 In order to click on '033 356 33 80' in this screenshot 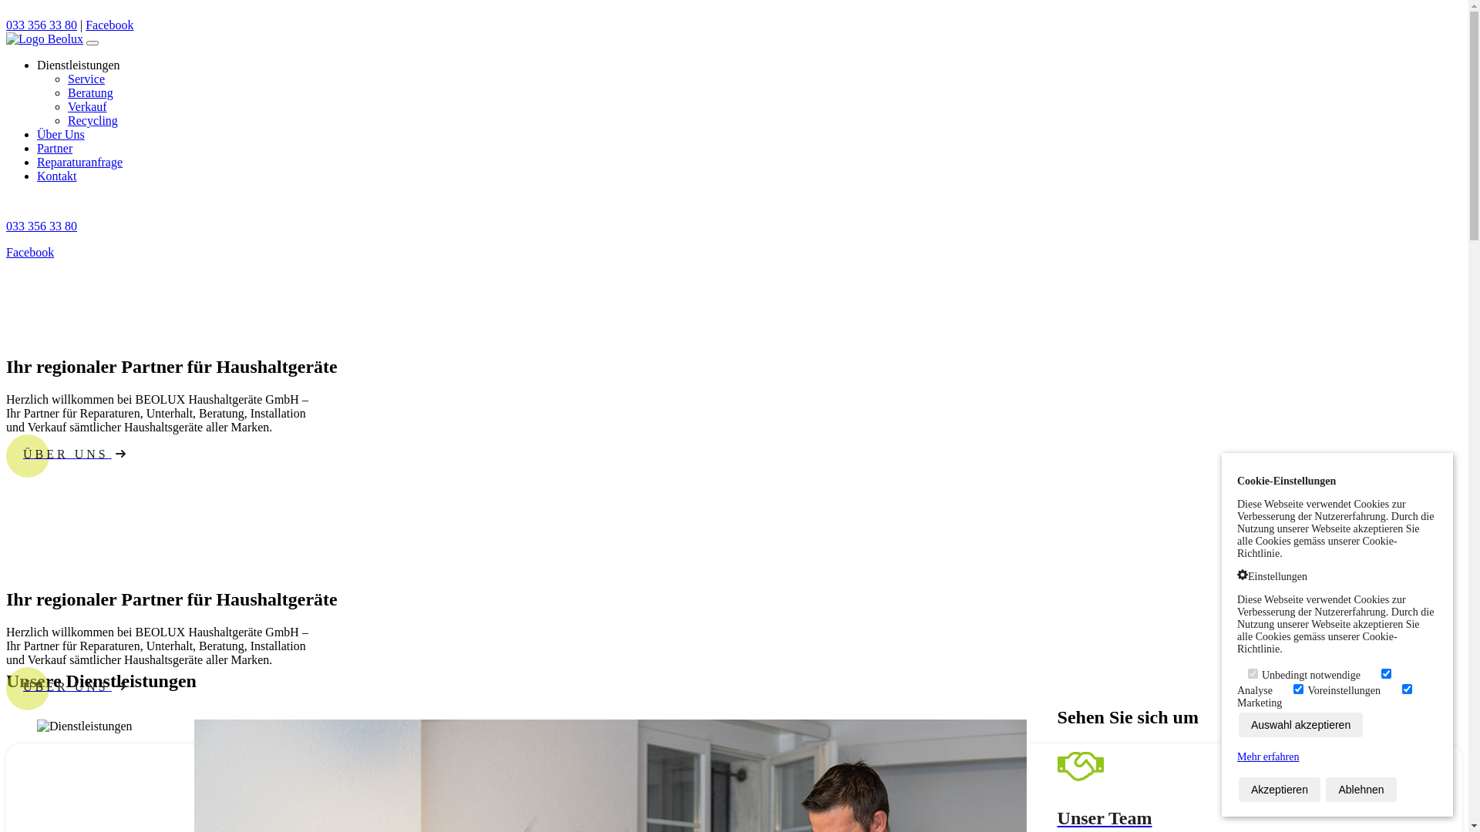, I will do `click(41, 25)`.